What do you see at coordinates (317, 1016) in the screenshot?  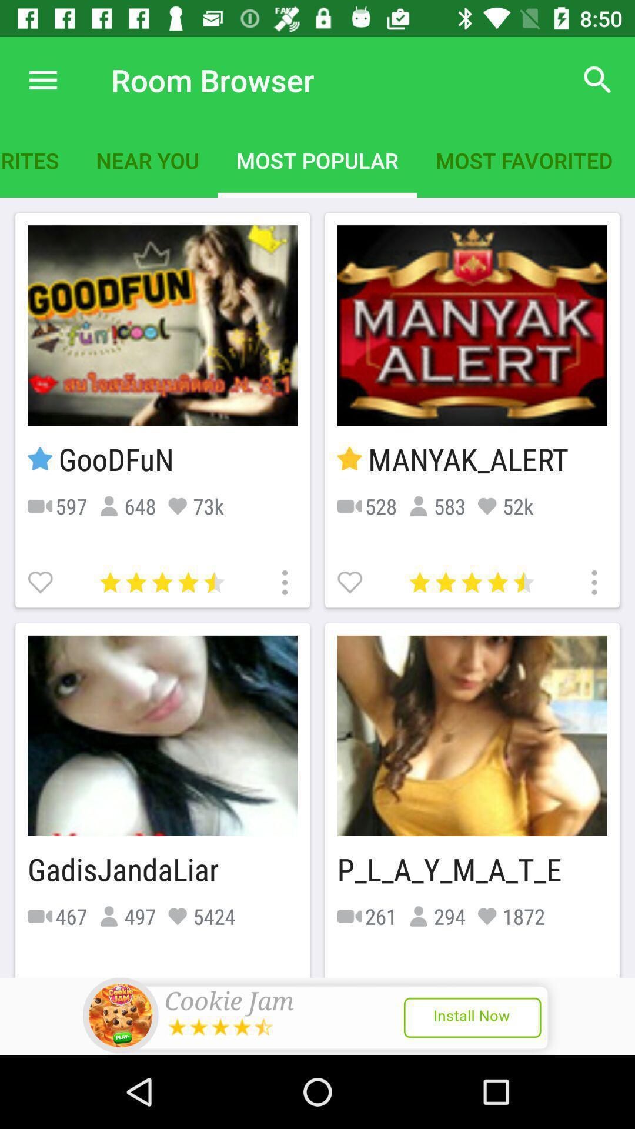 I see `sponsor advertisement for cookie jam` at bounding box center [317, 1016].